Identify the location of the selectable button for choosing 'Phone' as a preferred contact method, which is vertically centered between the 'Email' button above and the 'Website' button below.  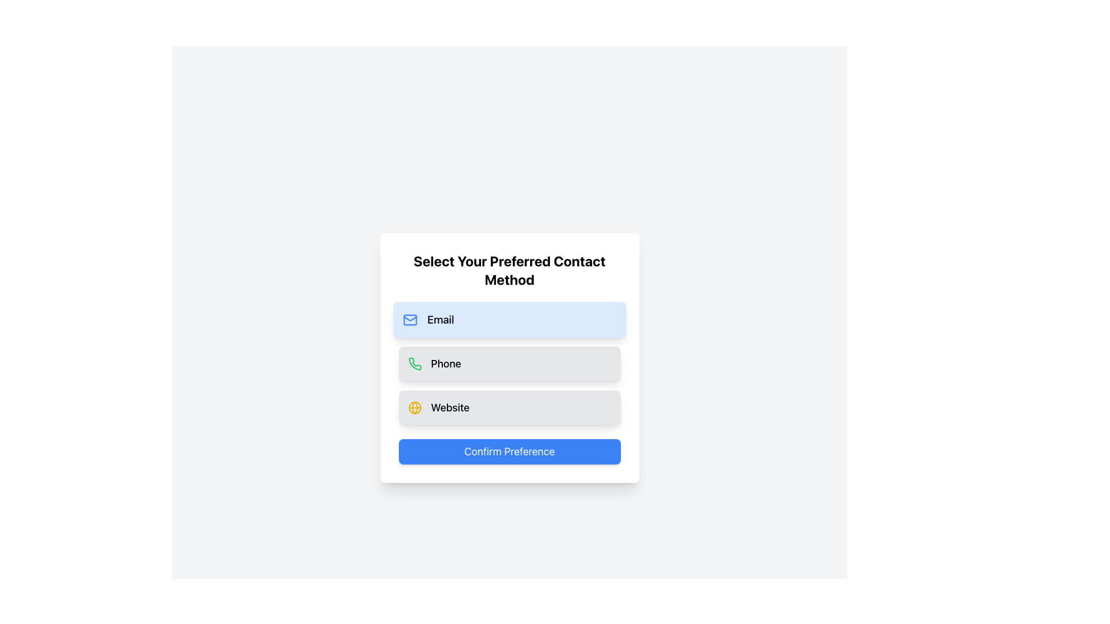
(509, 363).